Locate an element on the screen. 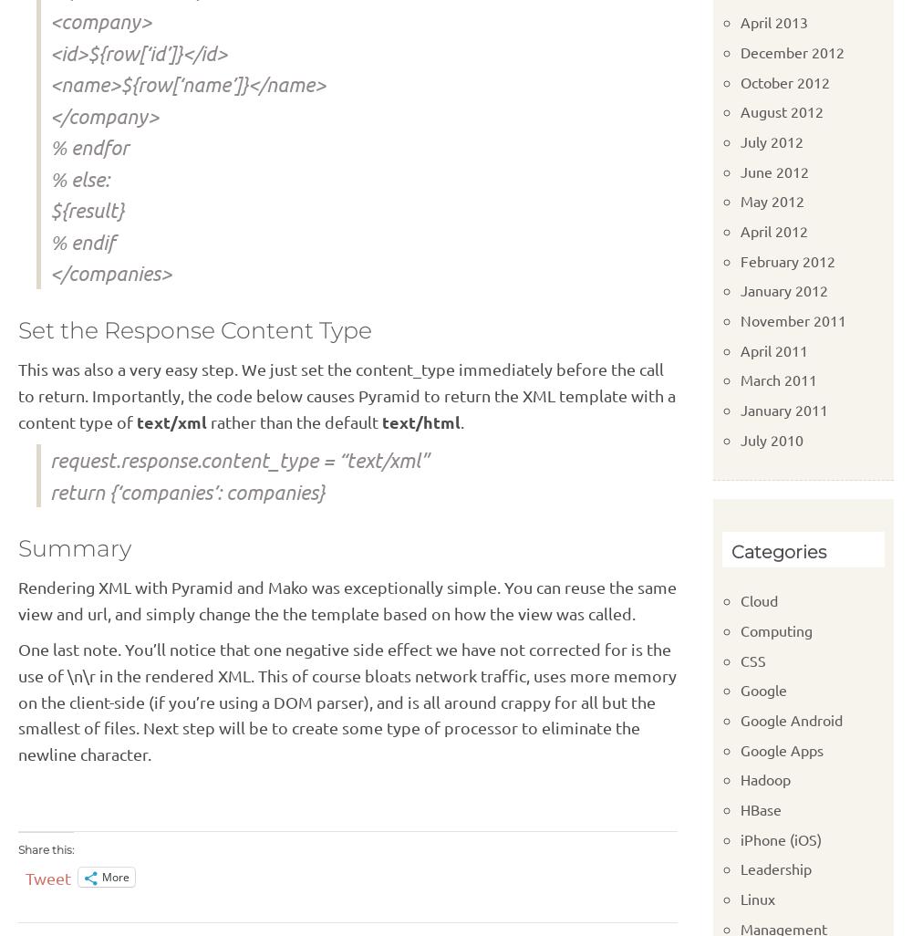  'This was also a very easy step. We just set the content_type immediately before the call to return. Importantly, the code below causes Pyramid to return the XML template with a content type of' is located at coordinates (18, 394).